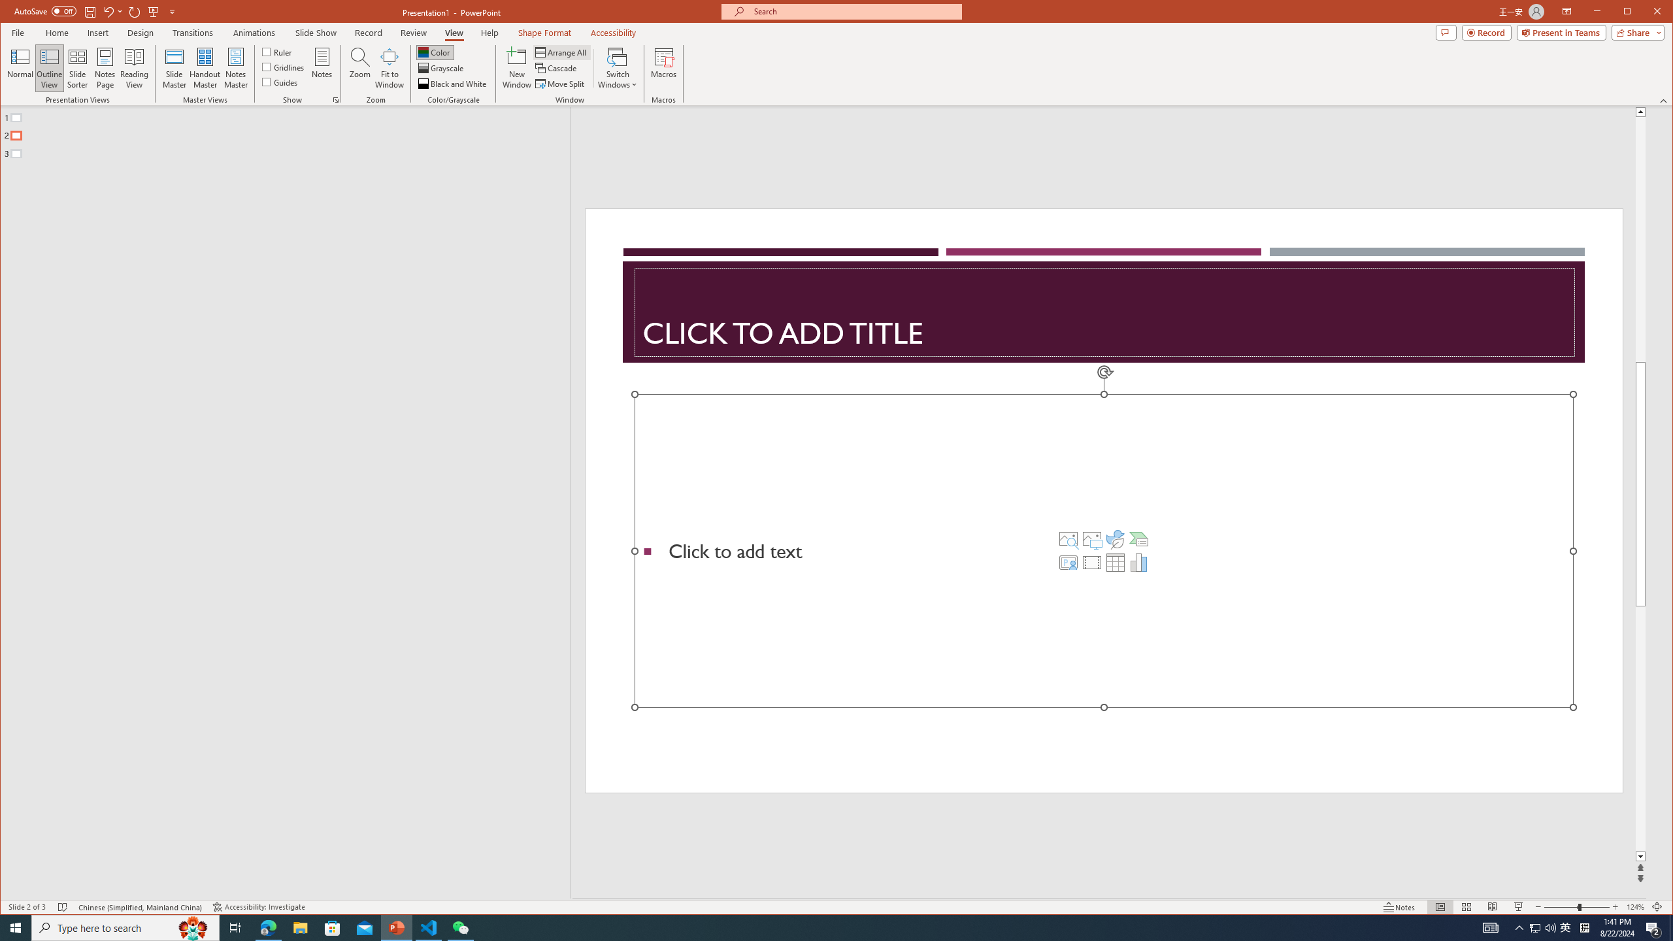 Image resolution: width=1673 pixels, height=941 pixels. What do you see at coordinates (1116, 538) in the screenshot?
I see `'Insert an Icon'` at bounding box center [1116, 538].